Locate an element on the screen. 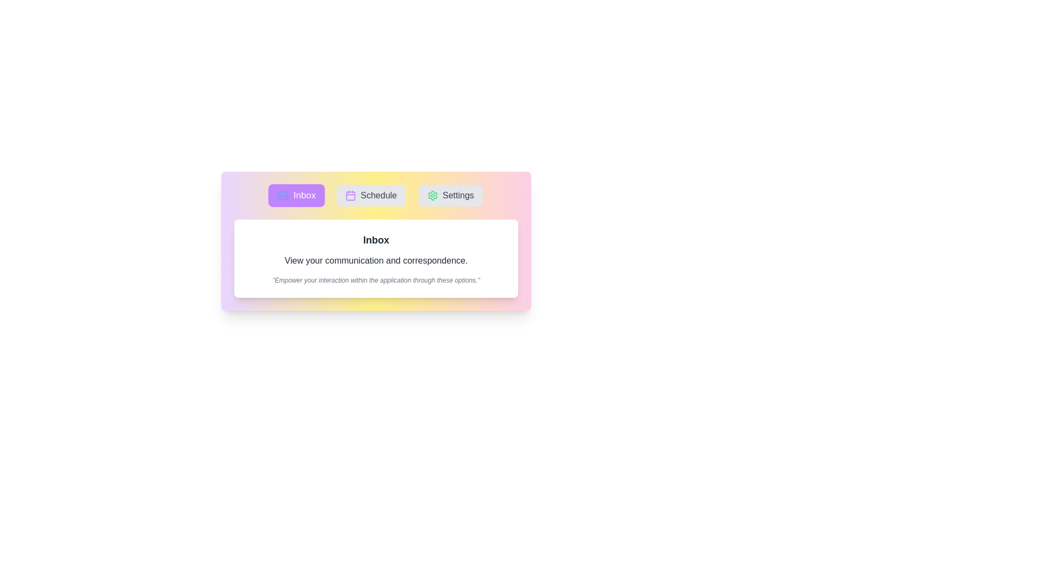  the tab button labeled Schedule is located at coordinates (371, 195).